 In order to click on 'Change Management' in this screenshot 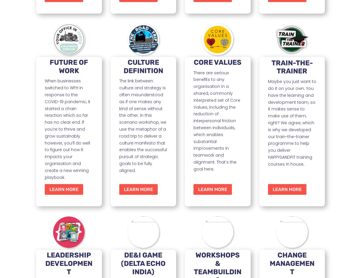, I will do `click(292, 263)`.